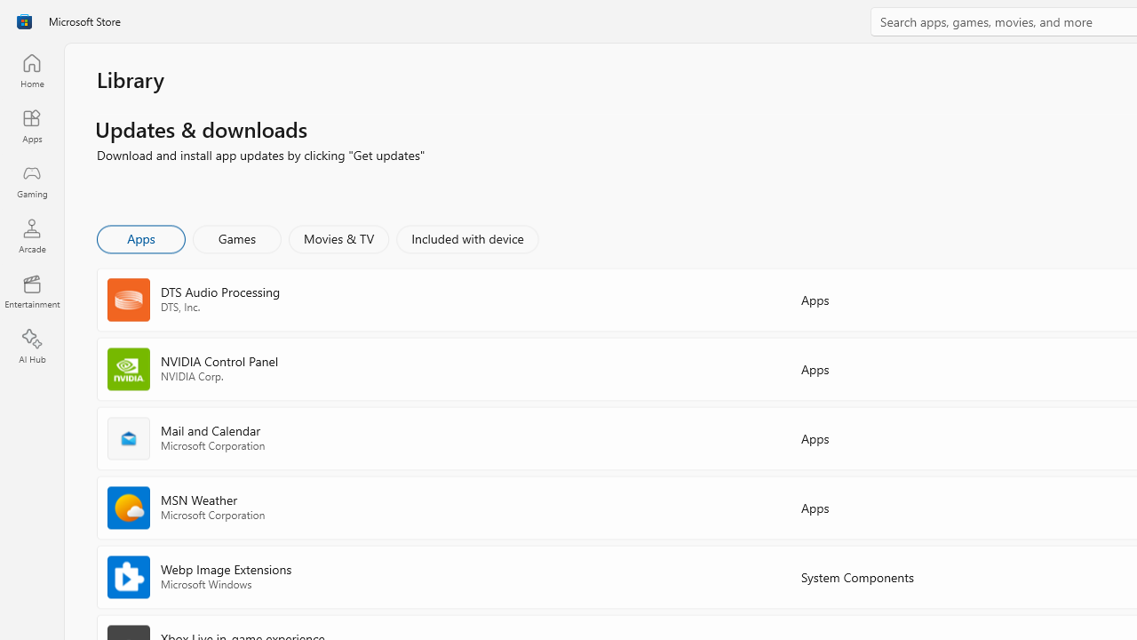 This screenshot has height=640, width=1137. Describe the element at coordinates (31, 180) in the screenshot. I see `'Gaming'` at that location.